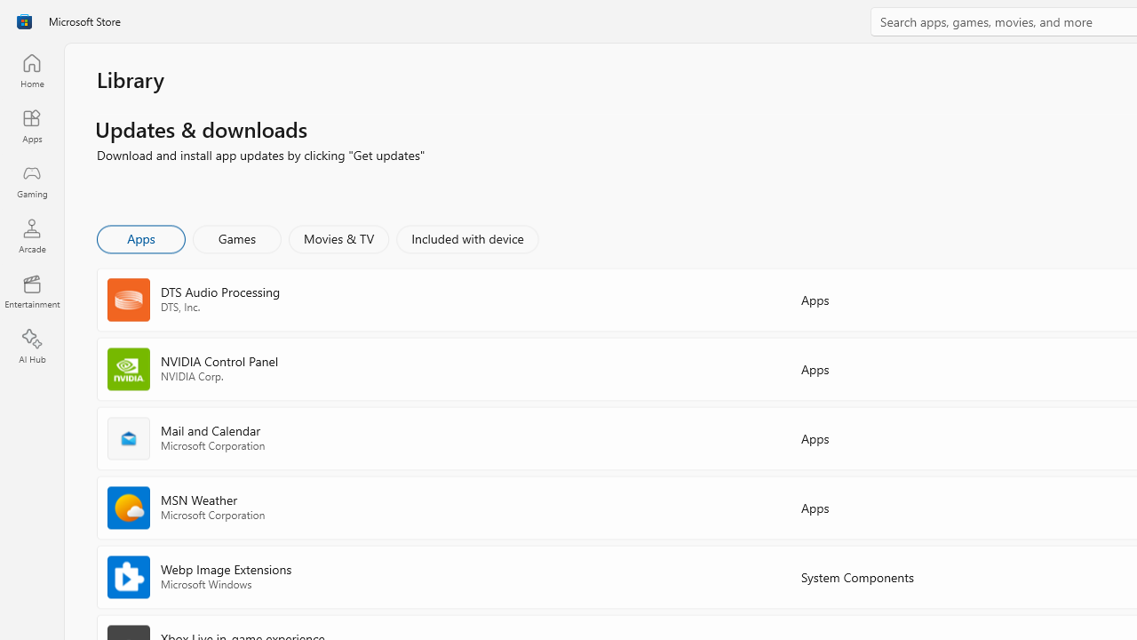 This screenshot has height=640, width=1137. Describe the element at coordinates (31, 180) in the screenshot. I see `'Gaming'` at that location.